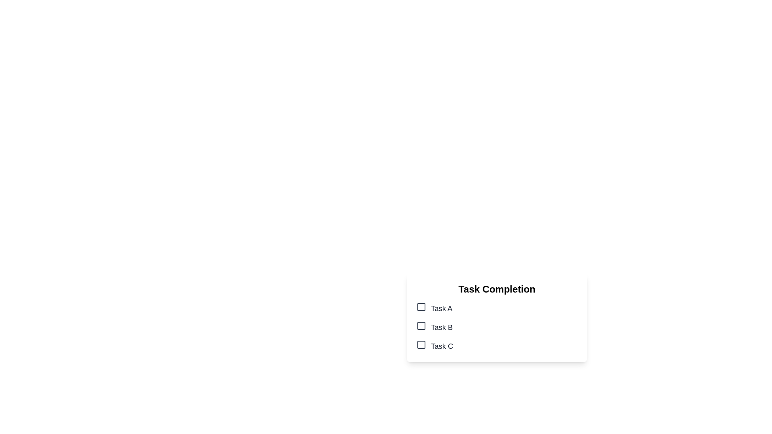 This screenshot has width=772, height=434. I want to click on the Checkbox indicator for 'Task A', so click(421, 307).